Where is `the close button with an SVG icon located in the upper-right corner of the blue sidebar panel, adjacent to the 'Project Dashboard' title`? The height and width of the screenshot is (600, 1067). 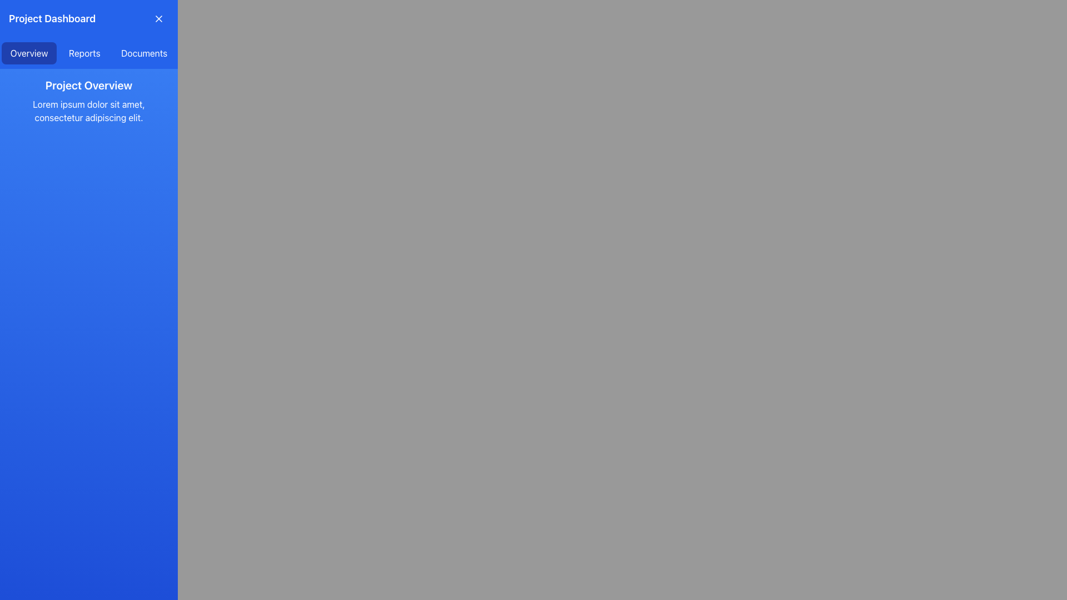 the close button with an SVG icon located in the upper-right corner of the blue sidebar panel, adjacent to the 'Project Dashboard' title is located at coordinates (158, 19).